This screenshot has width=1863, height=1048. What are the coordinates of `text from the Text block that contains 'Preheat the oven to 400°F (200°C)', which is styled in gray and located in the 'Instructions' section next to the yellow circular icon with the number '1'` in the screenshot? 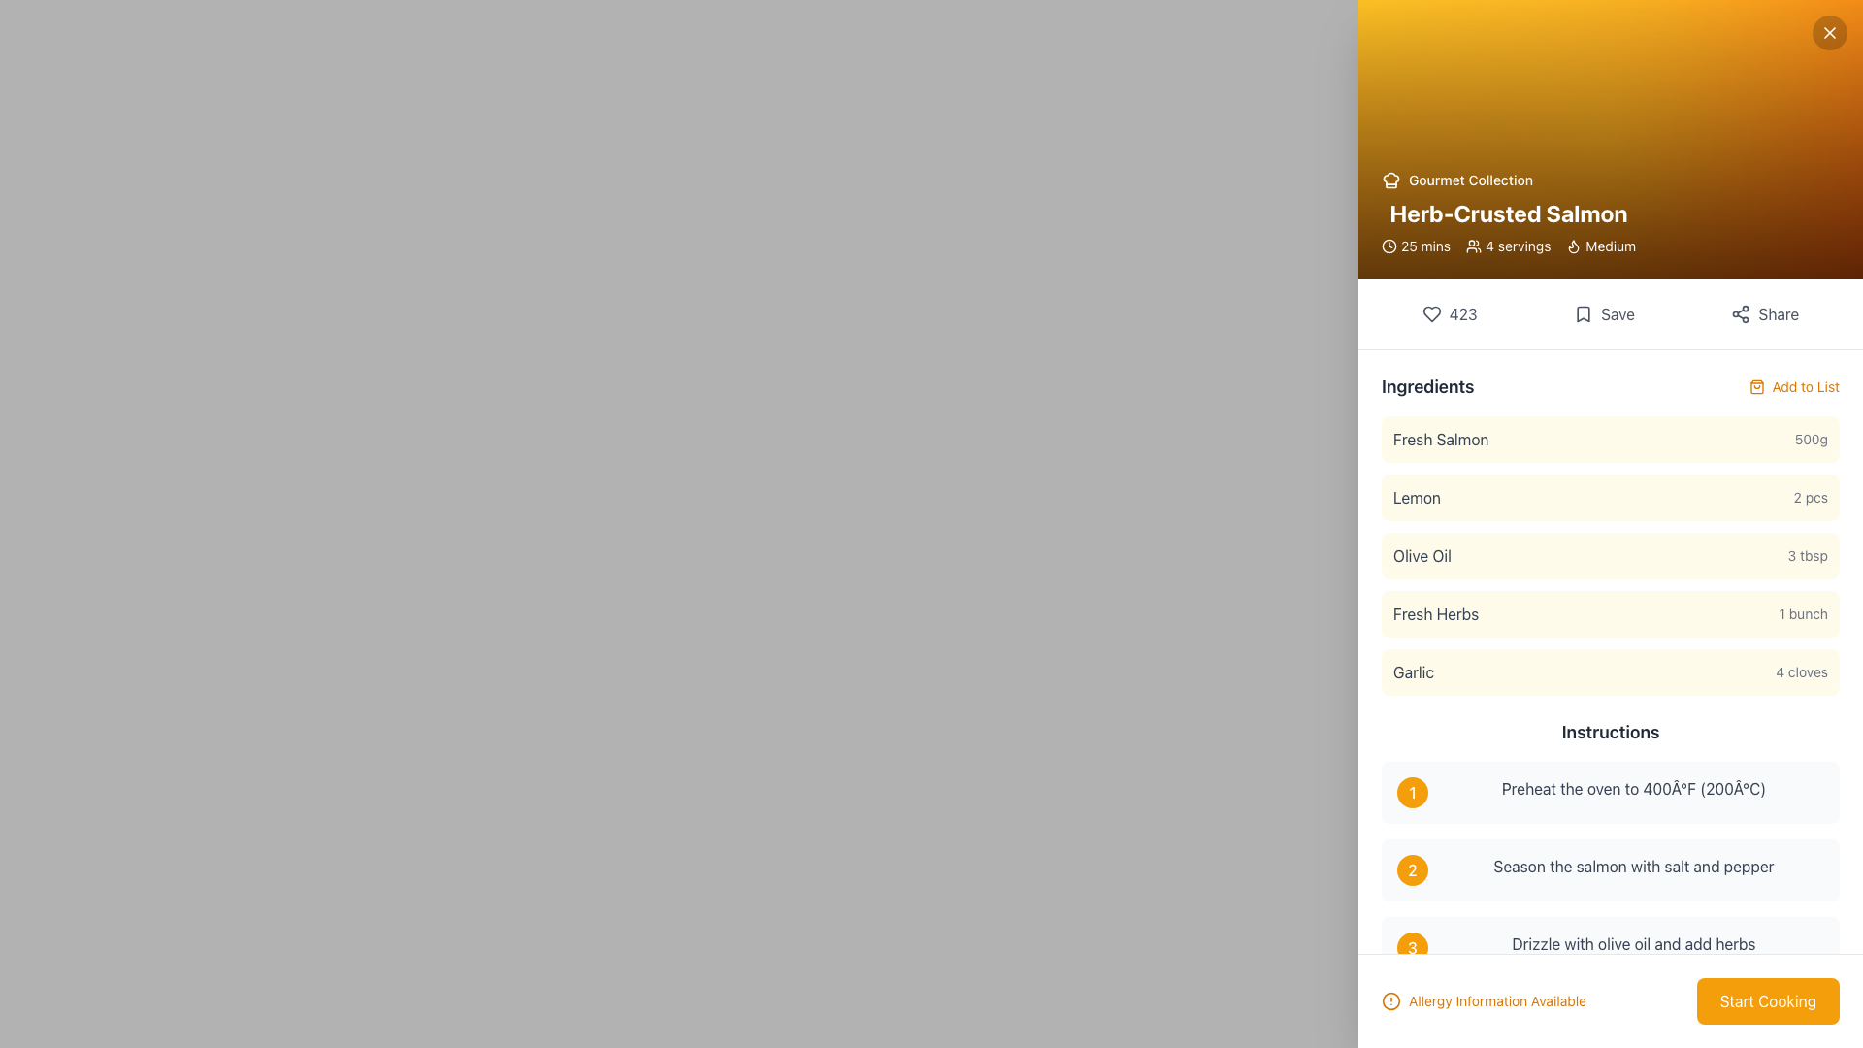 It's located at (1633, 793).